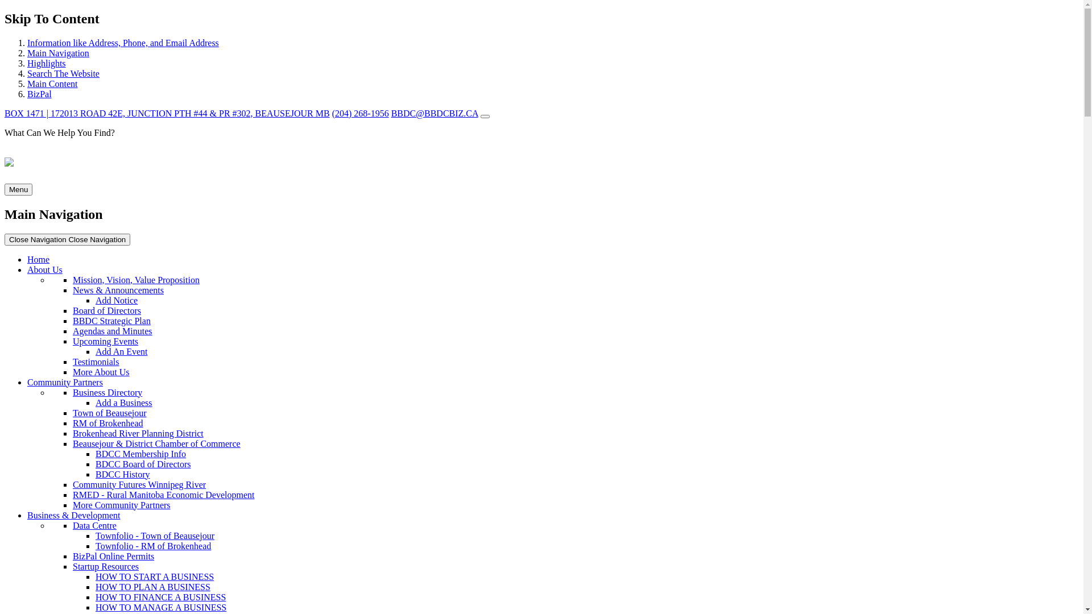 The height and width of the screenshot is (614, 1092). I want to click on 'RMED - Rural Manitoba Economic Development', so click(163, 494).